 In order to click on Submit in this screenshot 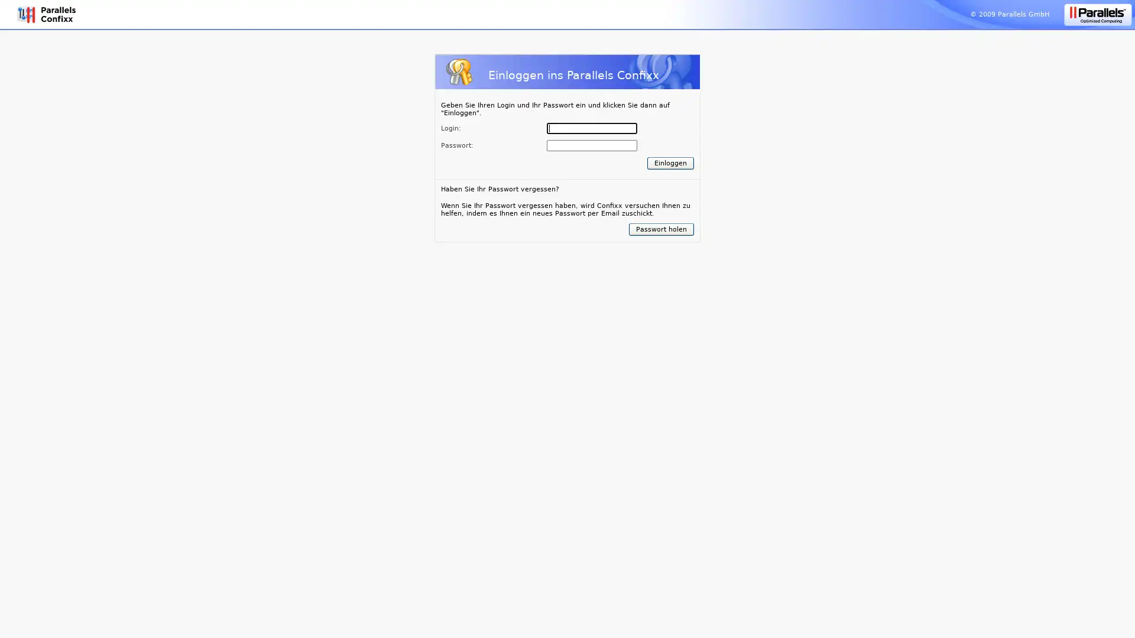, I will do `click(632, 229)`.